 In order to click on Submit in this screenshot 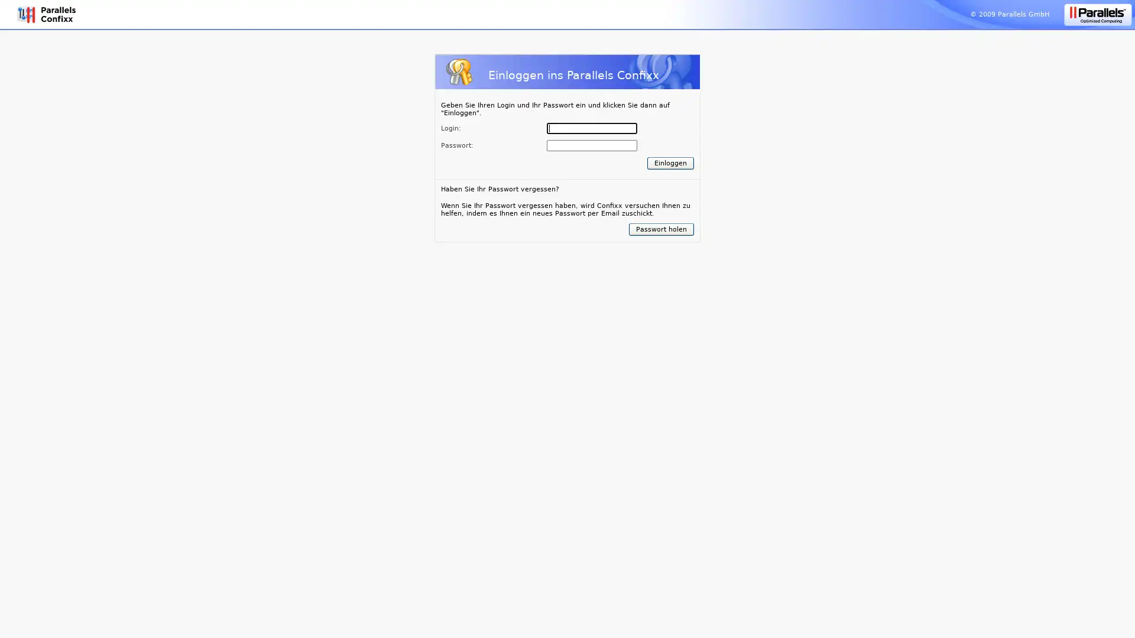, I will do `click(632, 229)`.